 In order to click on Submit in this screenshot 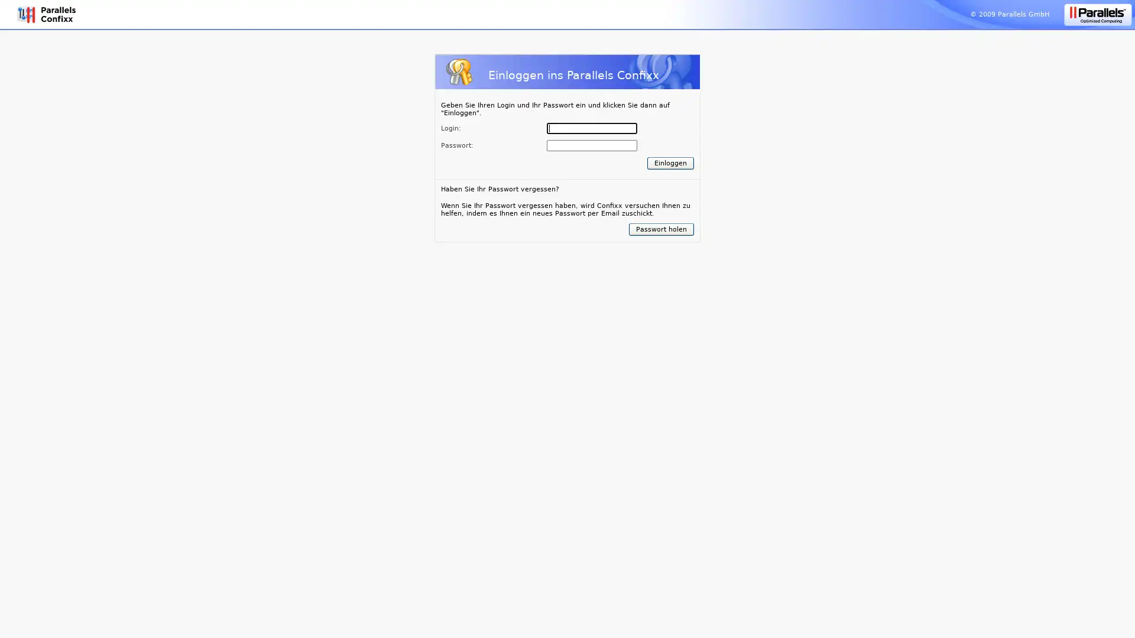, I will do `click(632, 229)`.